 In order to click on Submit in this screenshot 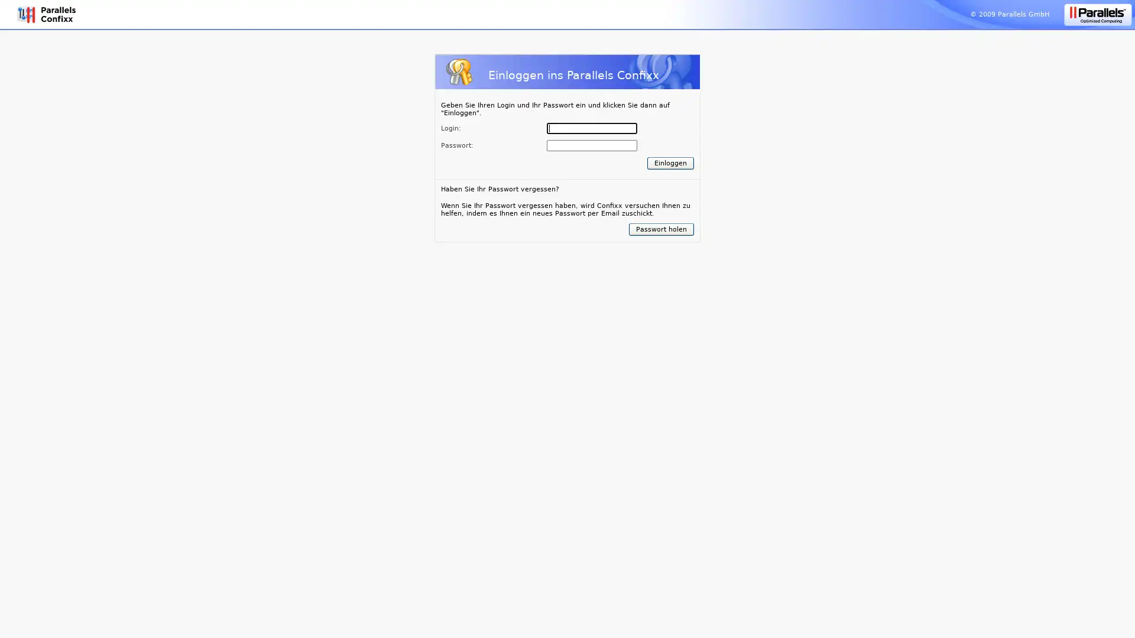, I will do `click(632, 229)`.